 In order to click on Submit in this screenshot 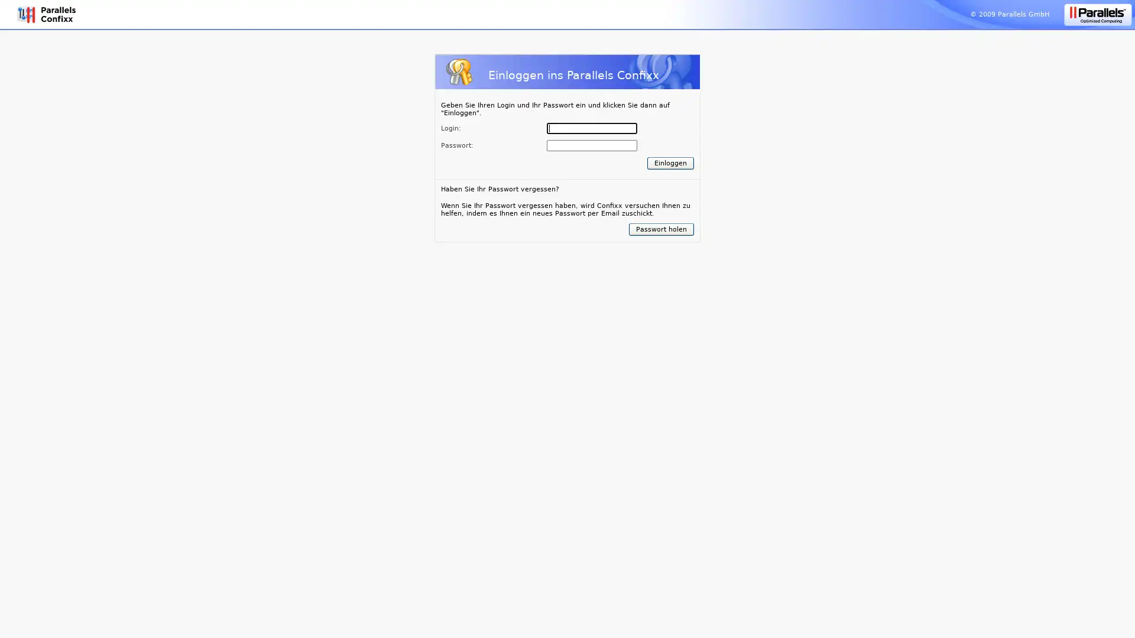, I will do `click(632, 229)`.